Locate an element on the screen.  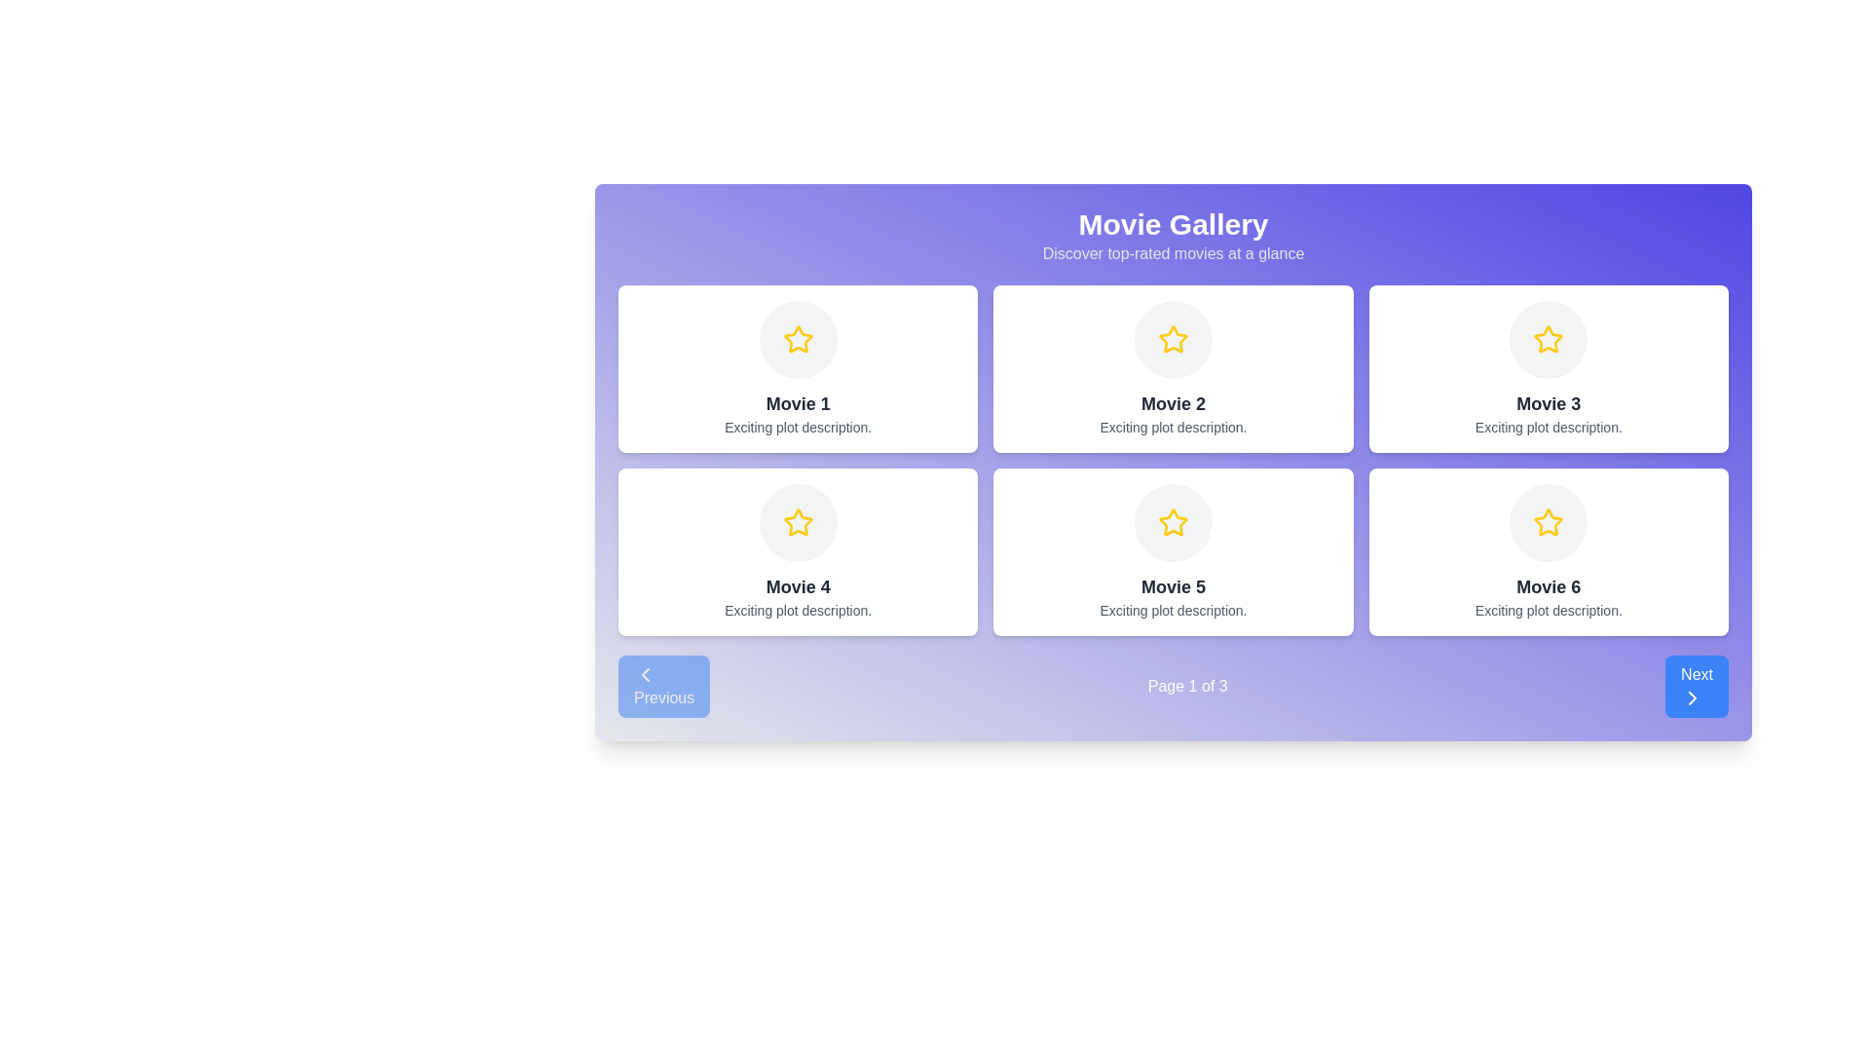
the movie details card, which is the second item is located at coordinates (1172, 368).